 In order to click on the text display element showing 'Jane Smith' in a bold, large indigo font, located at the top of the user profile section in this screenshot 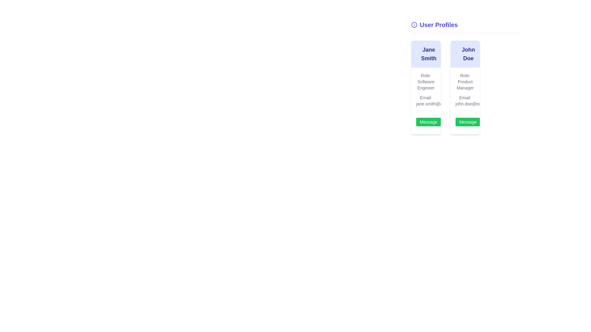, I will do `click(425, 54)`.